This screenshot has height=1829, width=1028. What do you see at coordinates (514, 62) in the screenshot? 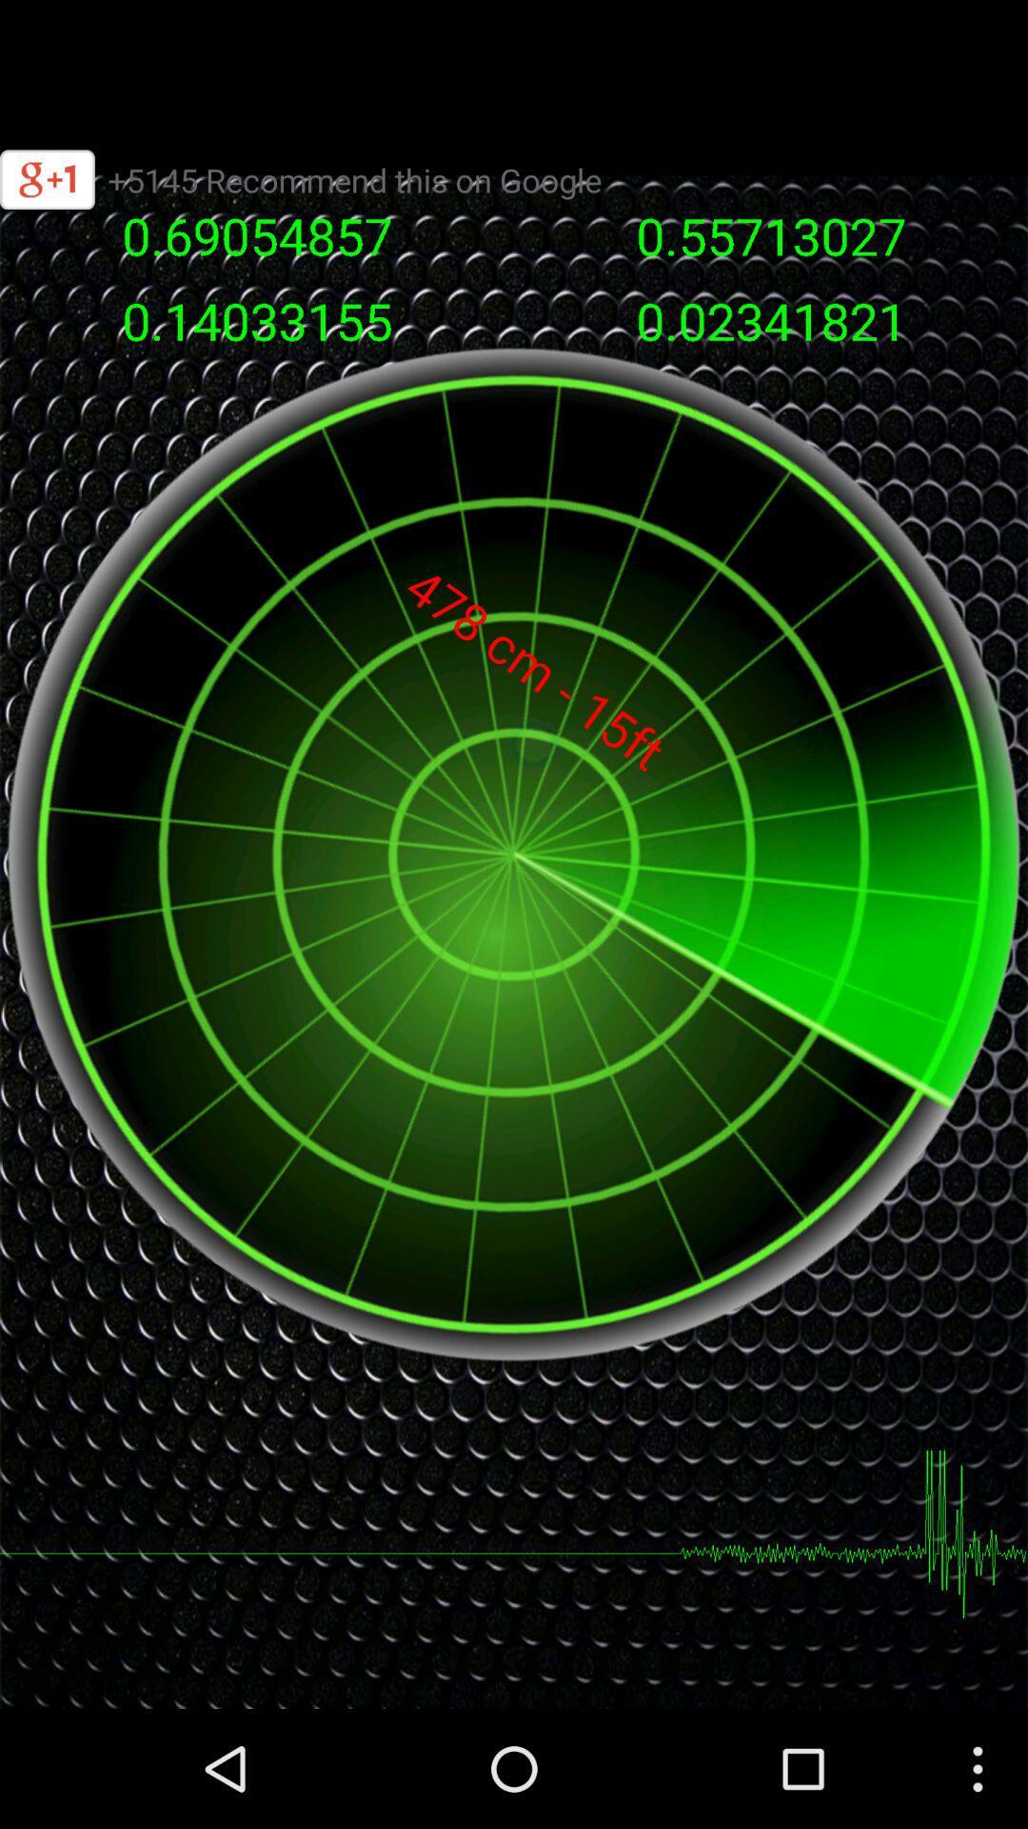
I see `advertisements website` at bounding box center [514, 62].